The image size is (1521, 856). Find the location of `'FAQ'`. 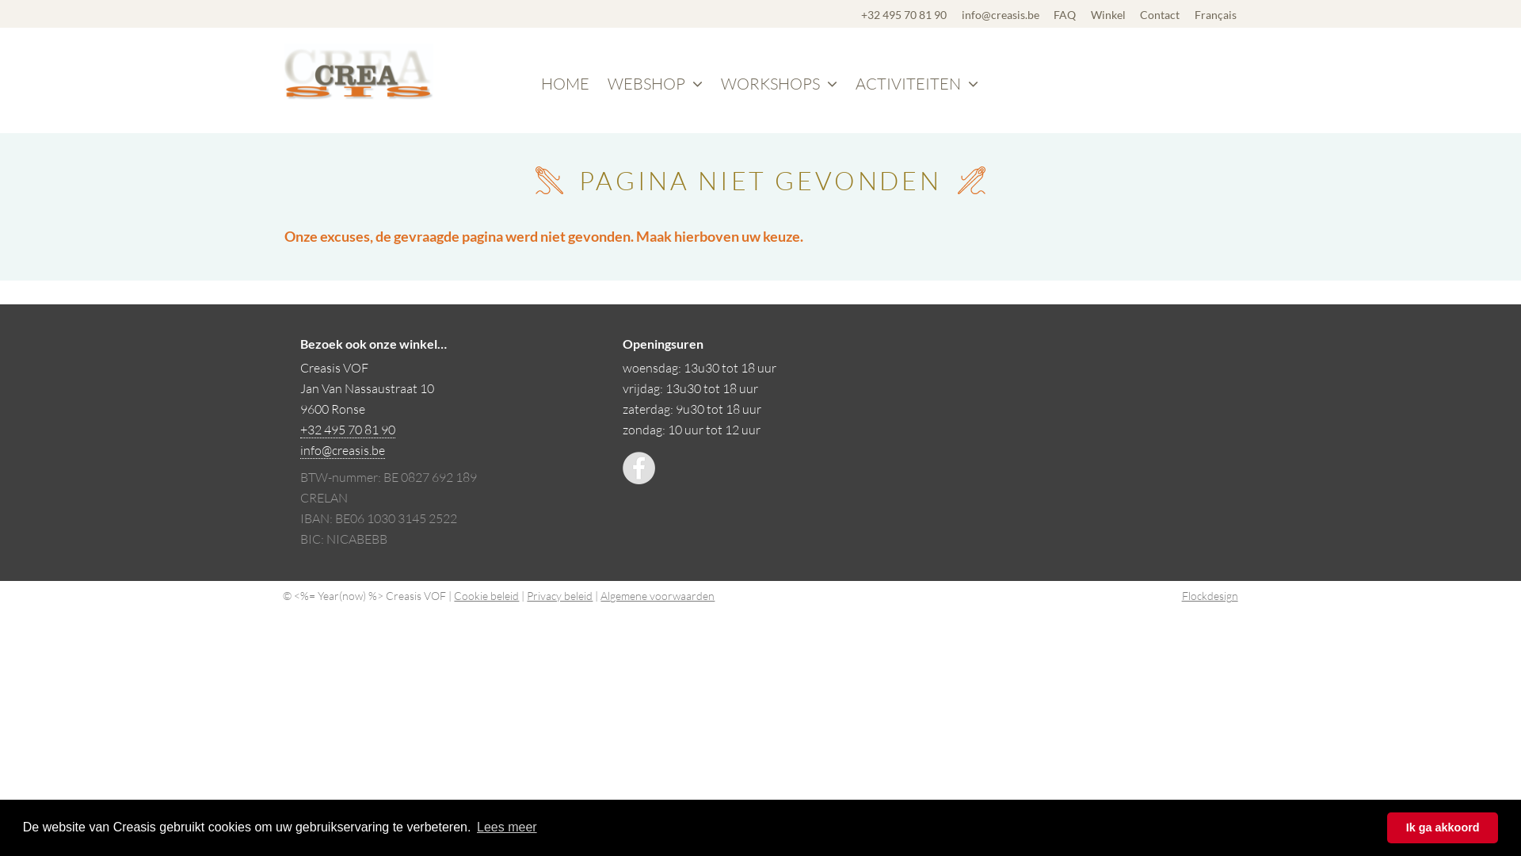

'FAQ' is located at coordinates (1053, 14).